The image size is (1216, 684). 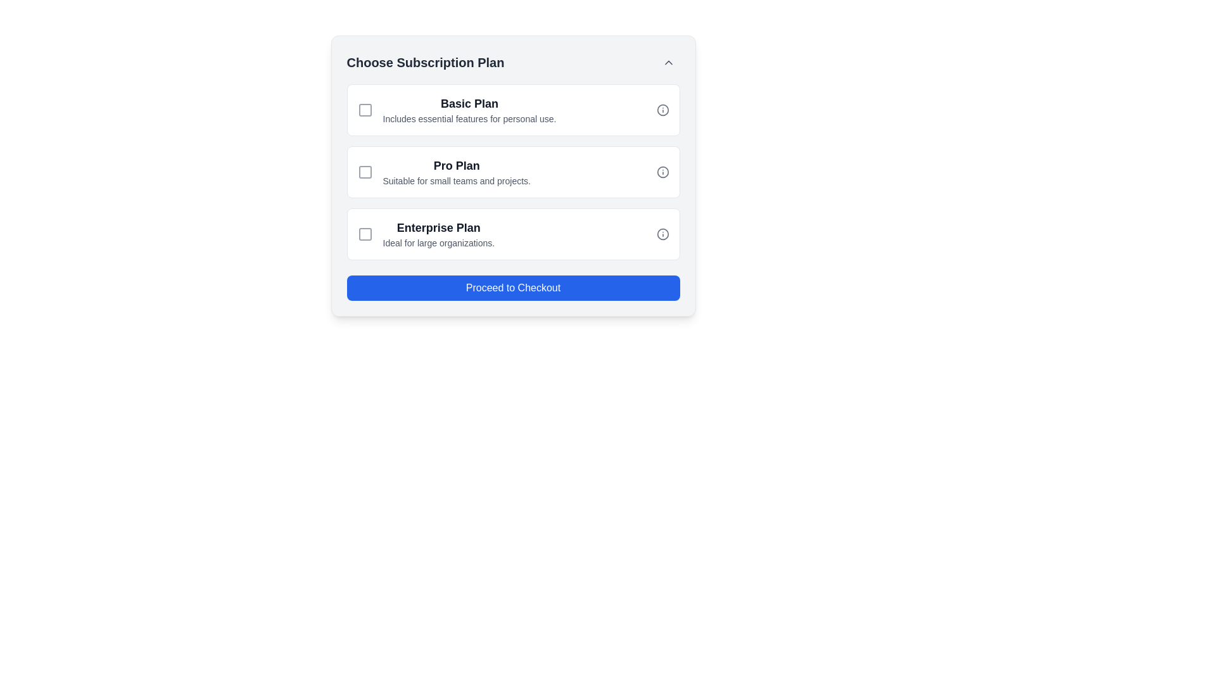 I want to click on text from the 'Choose Subscription Plan' label, which is displayed in bold and dark gray near the top of the subscription selection interface, so click(x=426, y=63).